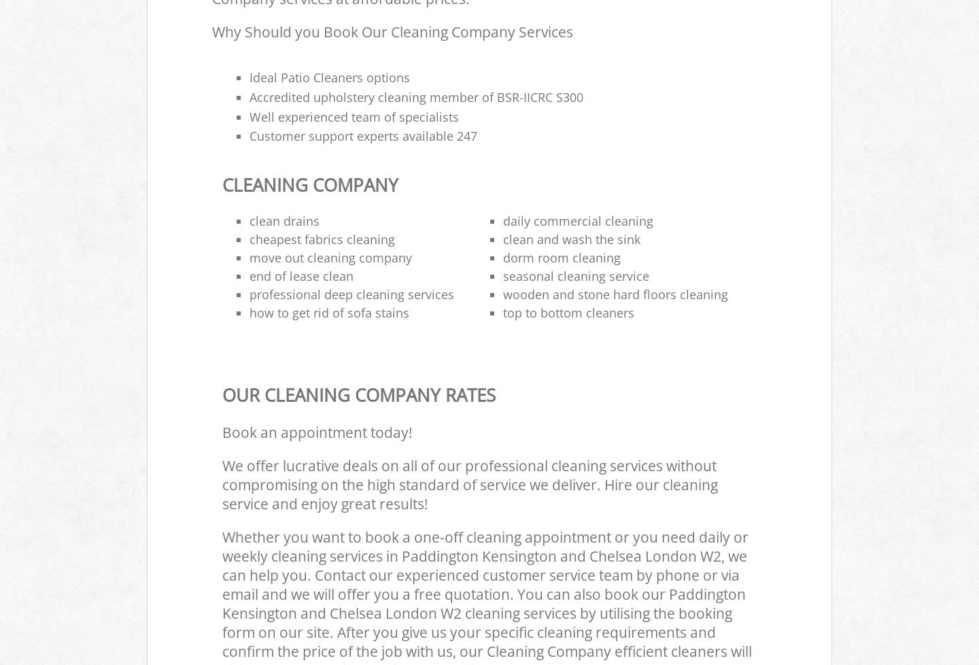 This screenshot has height=665, width=979. I want to click on 'seasonal cleaning service', so click(575, 275).